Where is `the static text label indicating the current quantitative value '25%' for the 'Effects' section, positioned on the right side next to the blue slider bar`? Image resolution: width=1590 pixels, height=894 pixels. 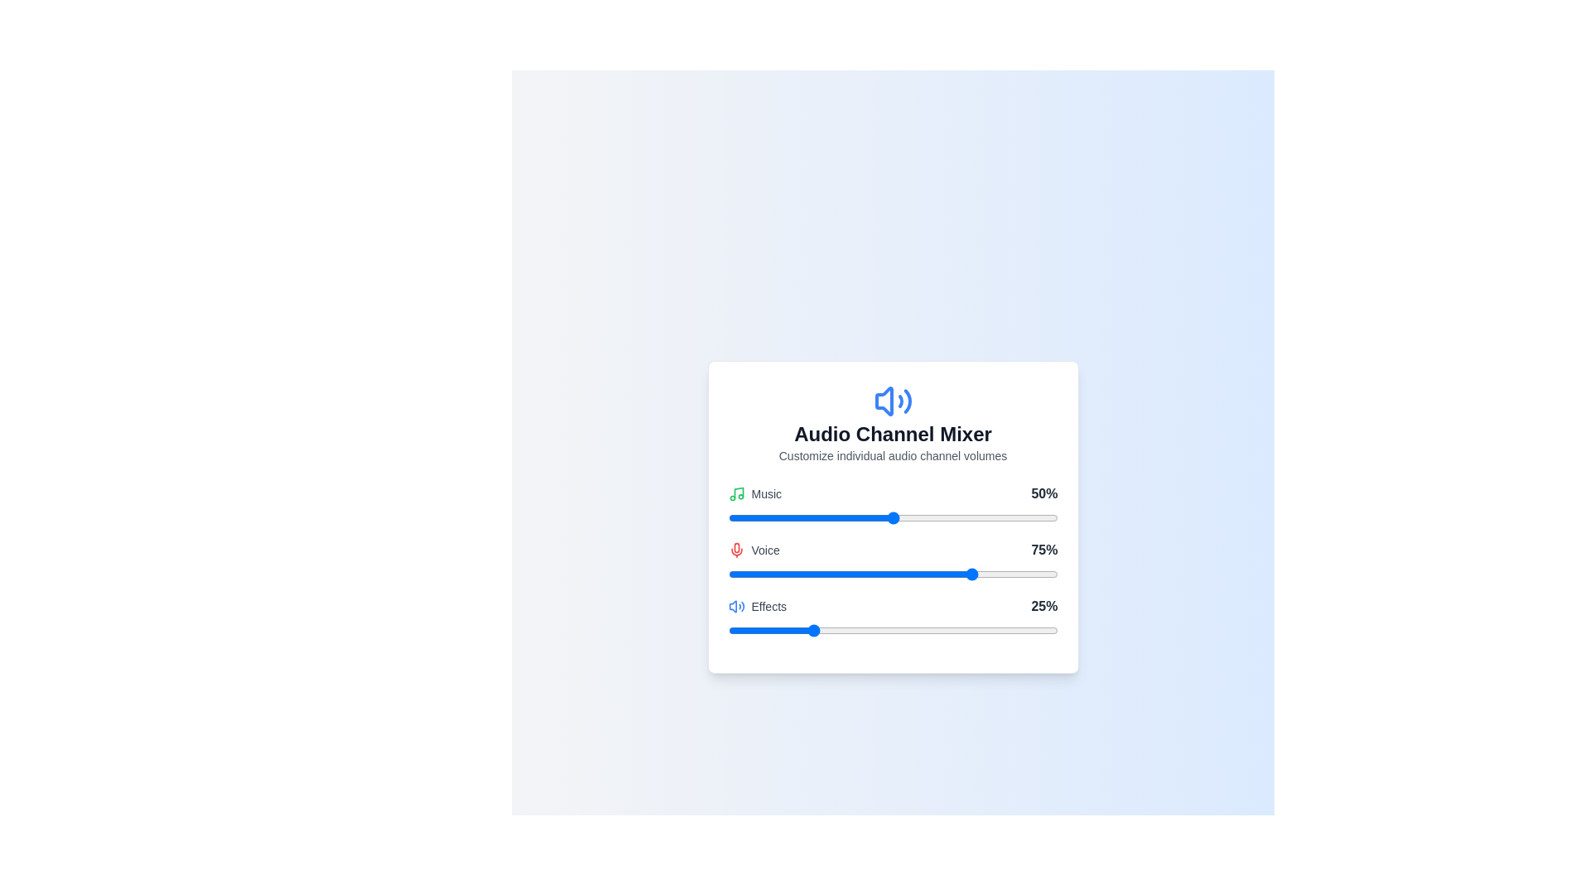 the static text label indicating the current quantitative value '25%' for the 'Effects' section, positioned on the right side next to the blue slider bar is located at coordinates (1043, 606).